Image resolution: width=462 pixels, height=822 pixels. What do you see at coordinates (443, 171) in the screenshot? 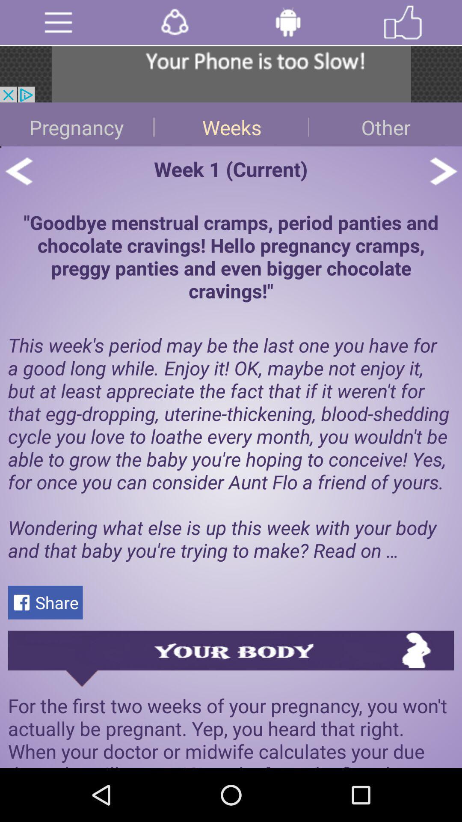
I see `next page` at bounding box center [443, 171].